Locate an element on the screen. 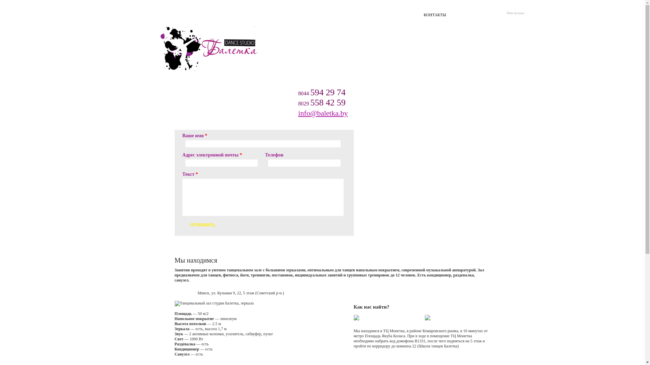 The width and height of the screenshot is (650, 365). 'info@baletka.by' is located at coordinates (298, 113).